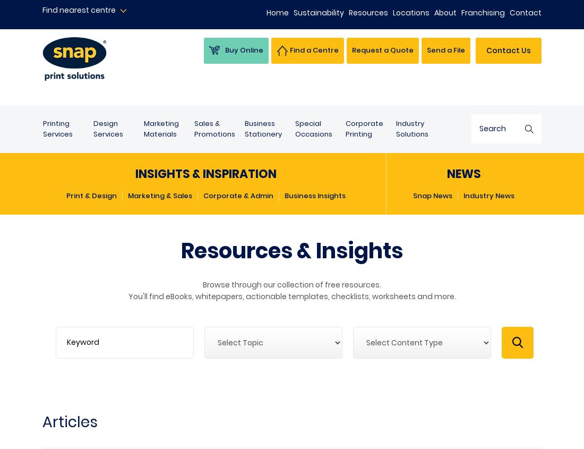  I want to click on 'Find a Centre', so click(314, 54).